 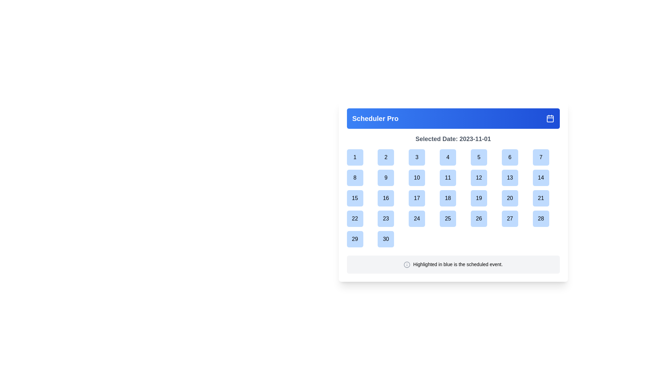 I want to click on the button representing the 29th day in the calendar layout, located in the fifth row and first column, to trigger hover effects, so click(x=355, y=239).